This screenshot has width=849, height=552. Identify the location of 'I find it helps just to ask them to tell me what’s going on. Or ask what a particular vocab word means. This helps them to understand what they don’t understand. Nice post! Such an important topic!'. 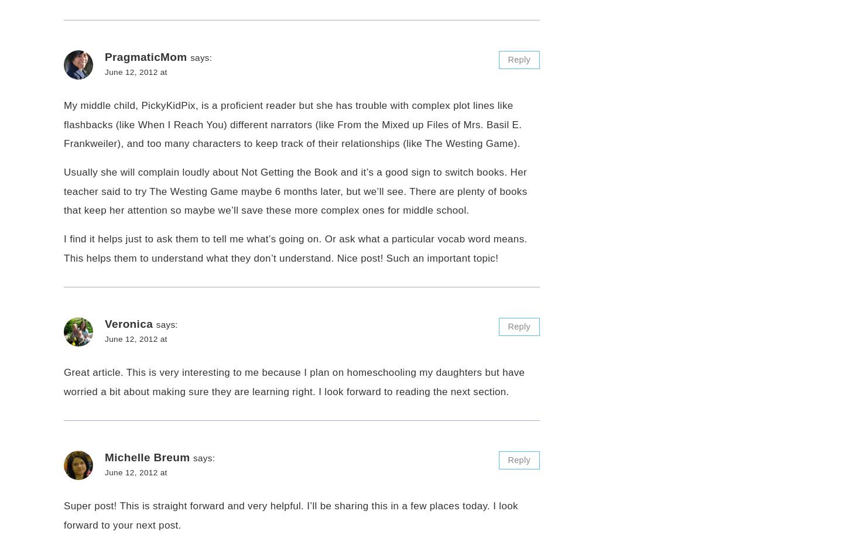
(64, 248).